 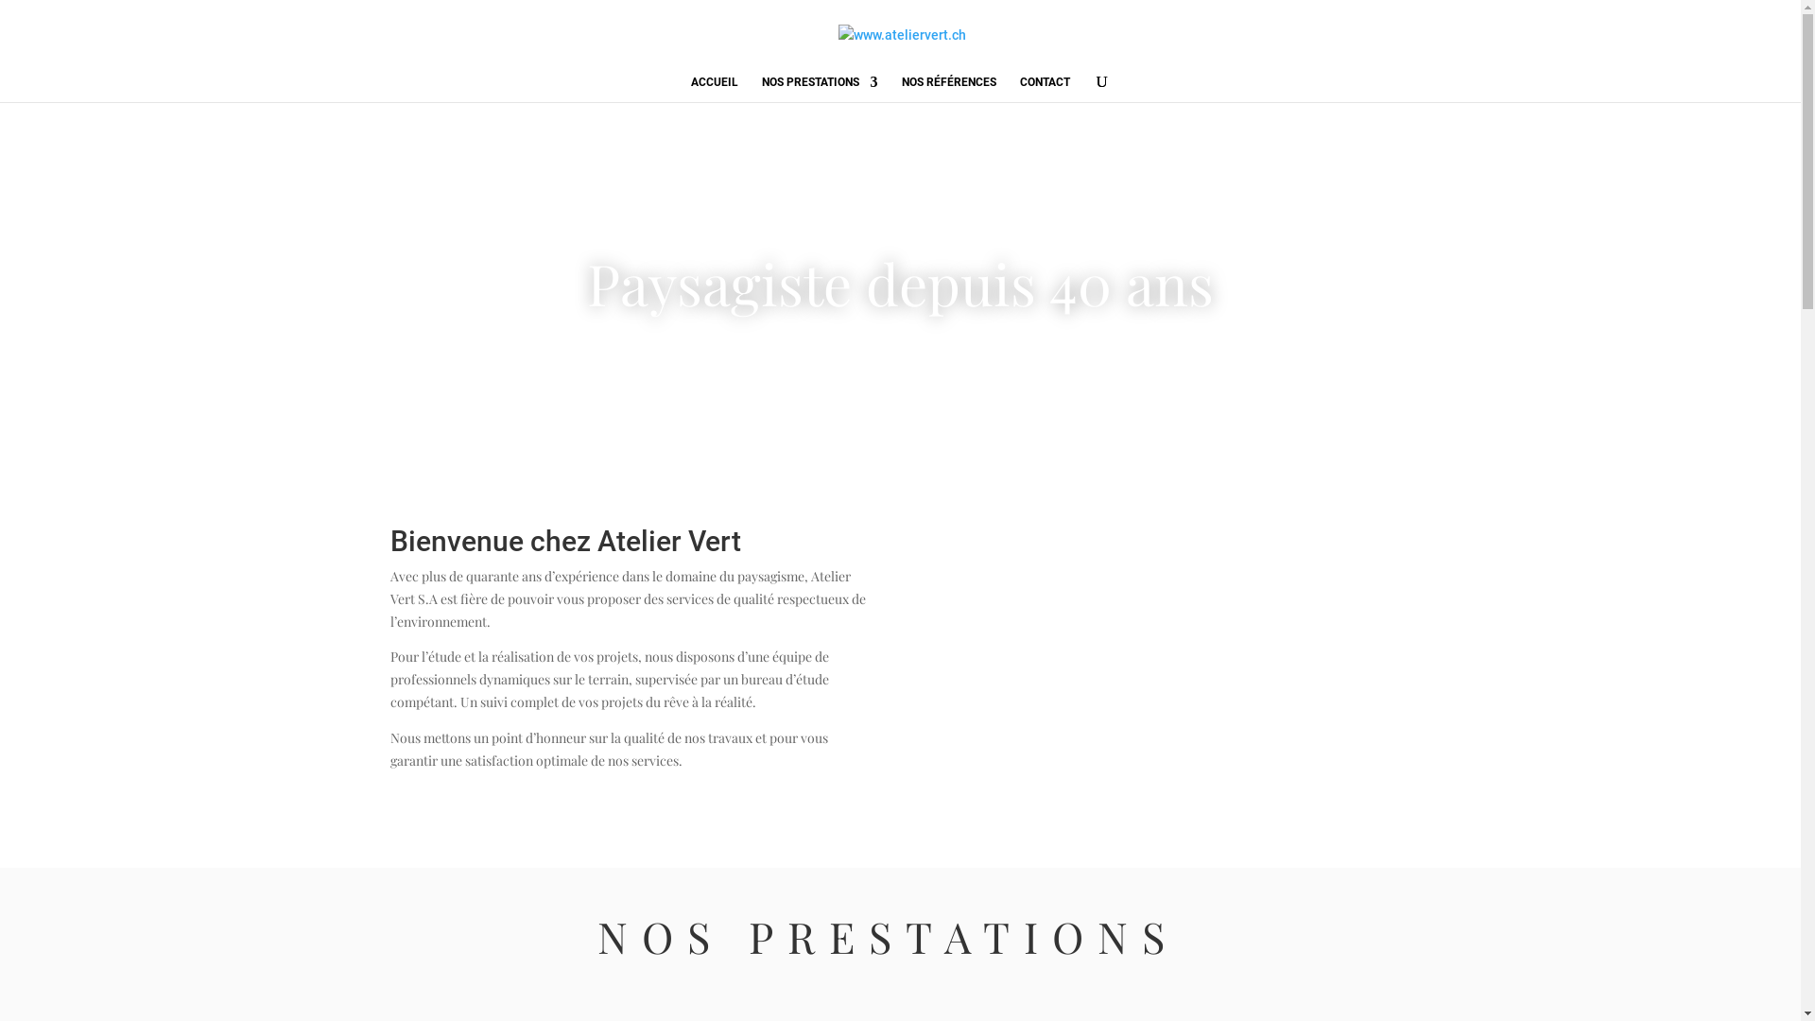 What do you see at coordinates (820, 88) in the screenshot?
I see `'NOS PRESTATIONS'` at bounding box center [820, 88].